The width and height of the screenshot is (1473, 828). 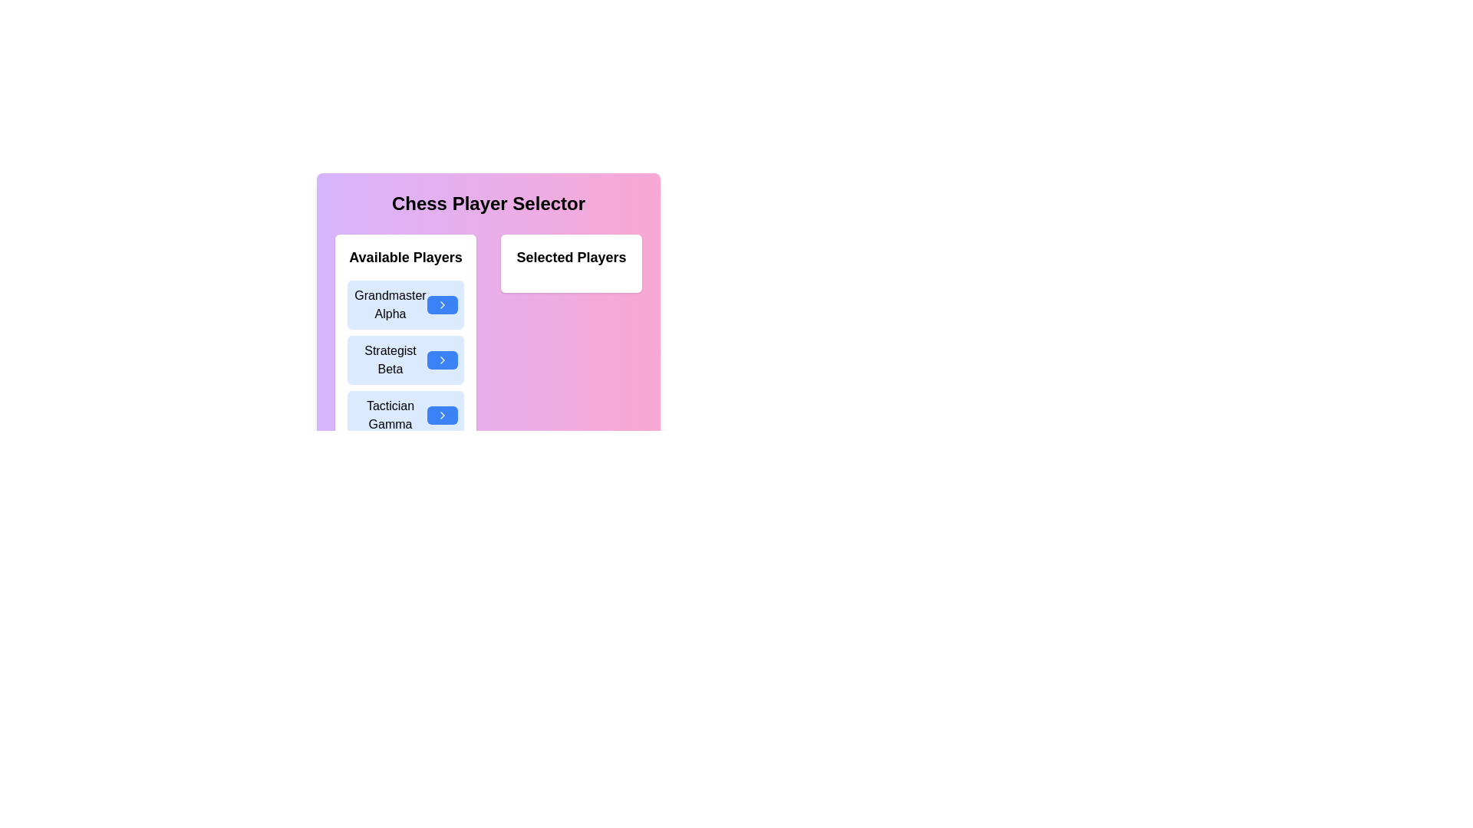 What do you see at coordinates (488, 203) in the screenshot?
I see `the heading 'Chess Player Selector' to read it` at bounding box center [488, 203].